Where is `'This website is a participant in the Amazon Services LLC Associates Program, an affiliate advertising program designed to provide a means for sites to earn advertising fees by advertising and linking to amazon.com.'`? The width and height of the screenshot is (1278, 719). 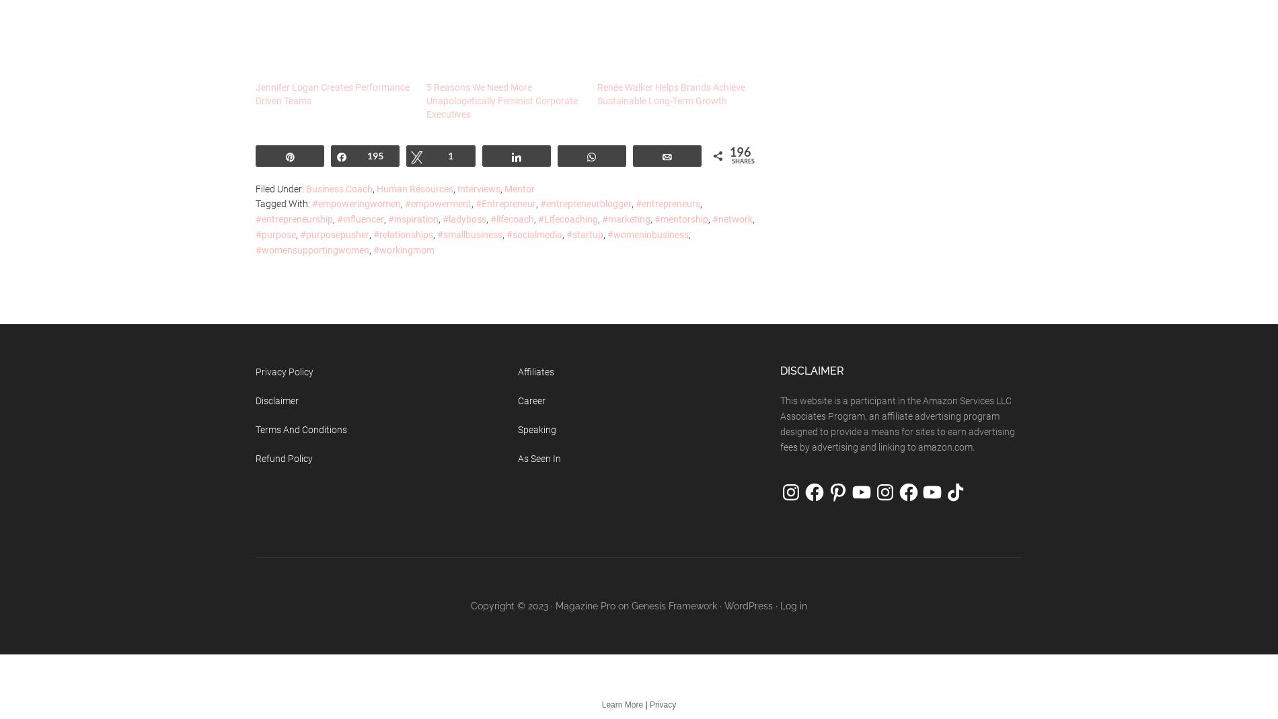 'This website is a participant in the Amazon Services LLC Associates Program, an affiliate advertising program designed to provide a means for sites to earn advertising fees by advertising and linking to amazon.com.' is located at coordinates (897, 423).